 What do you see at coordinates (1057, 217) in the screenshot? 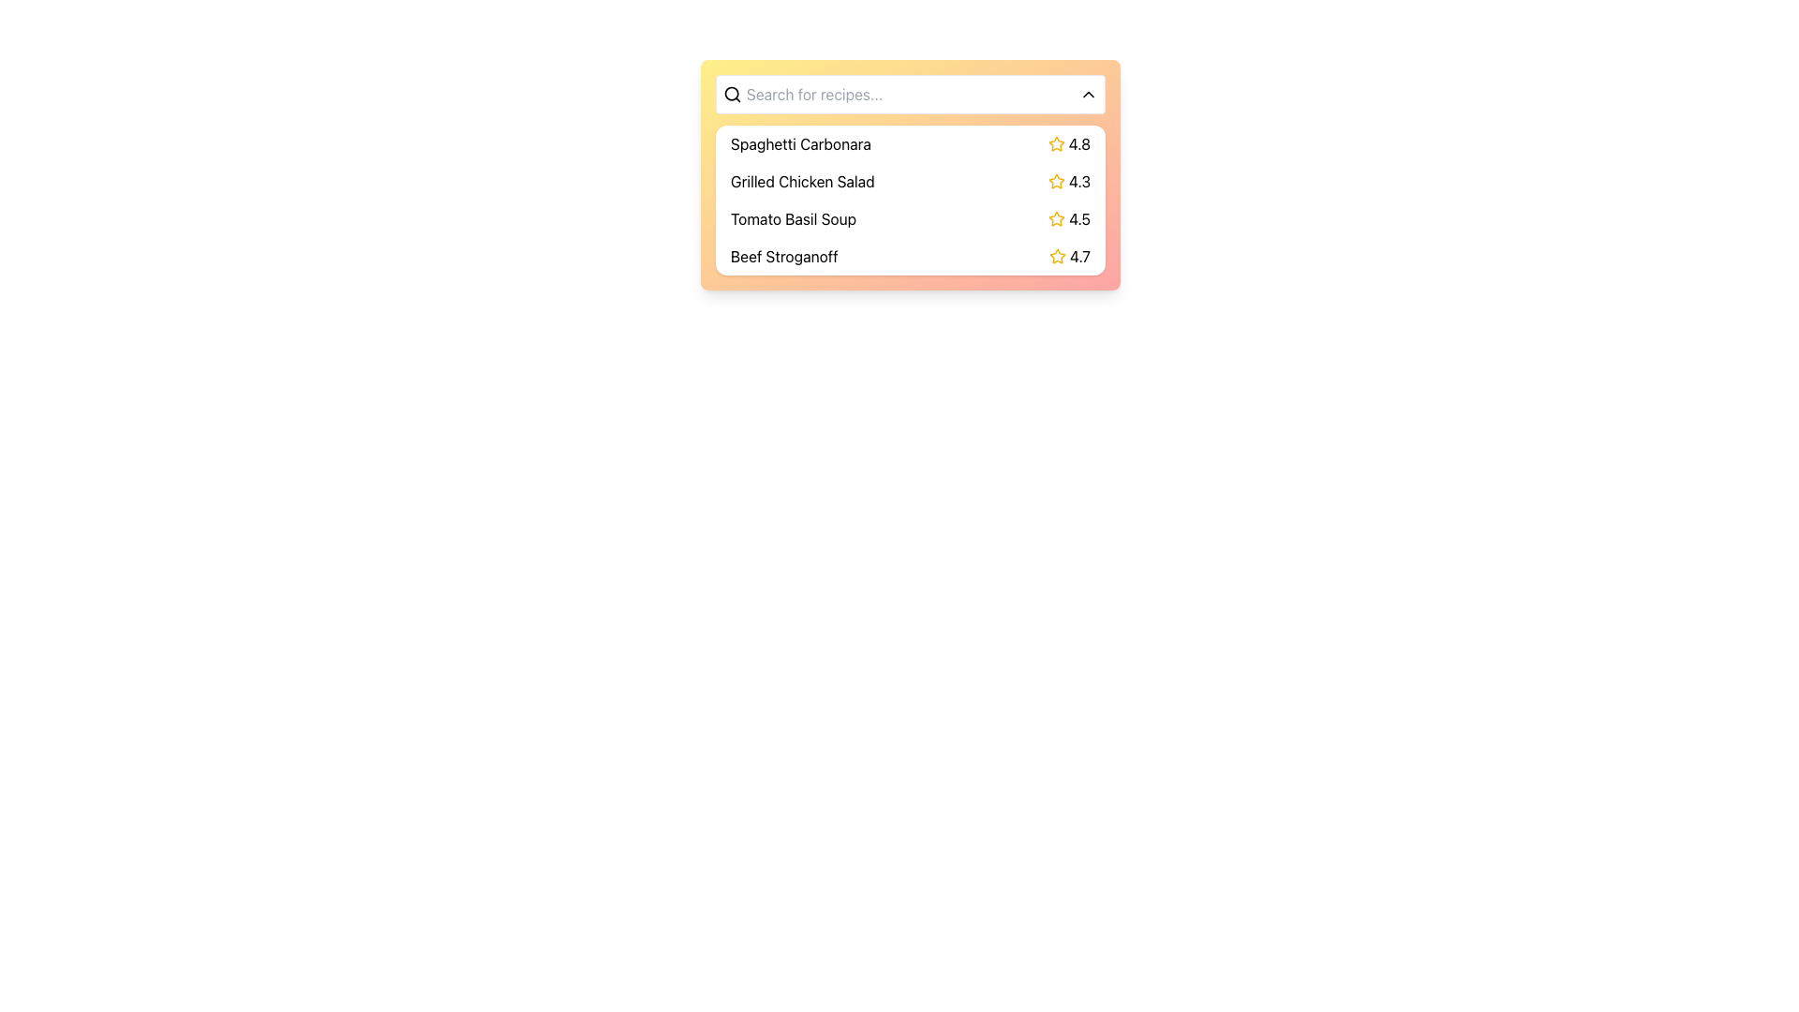
I see `the yellow star icon representing the rating for 'Tomato Basil Soup' which is located beside the text '4.5'` at bounding box center [1057, 217].